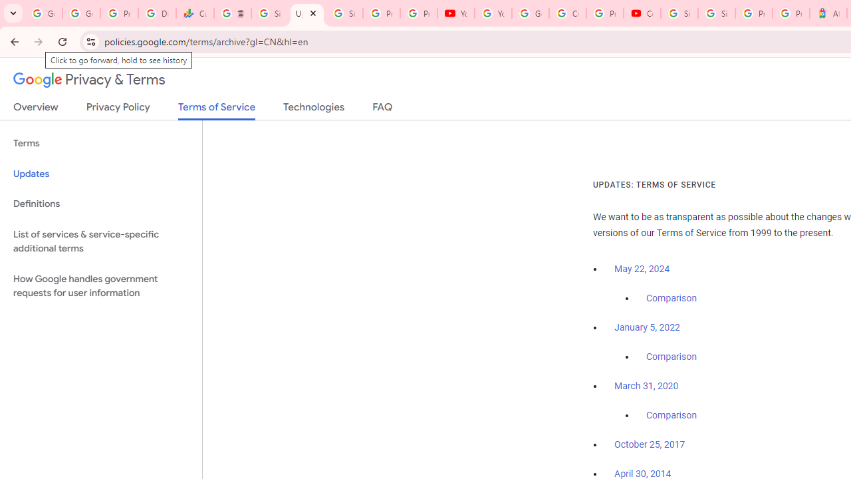 This screenshot has width=851, height=479. Describe the element at coordinates (456, 13) in the screenshot. I see `'YouTube'` at that location.